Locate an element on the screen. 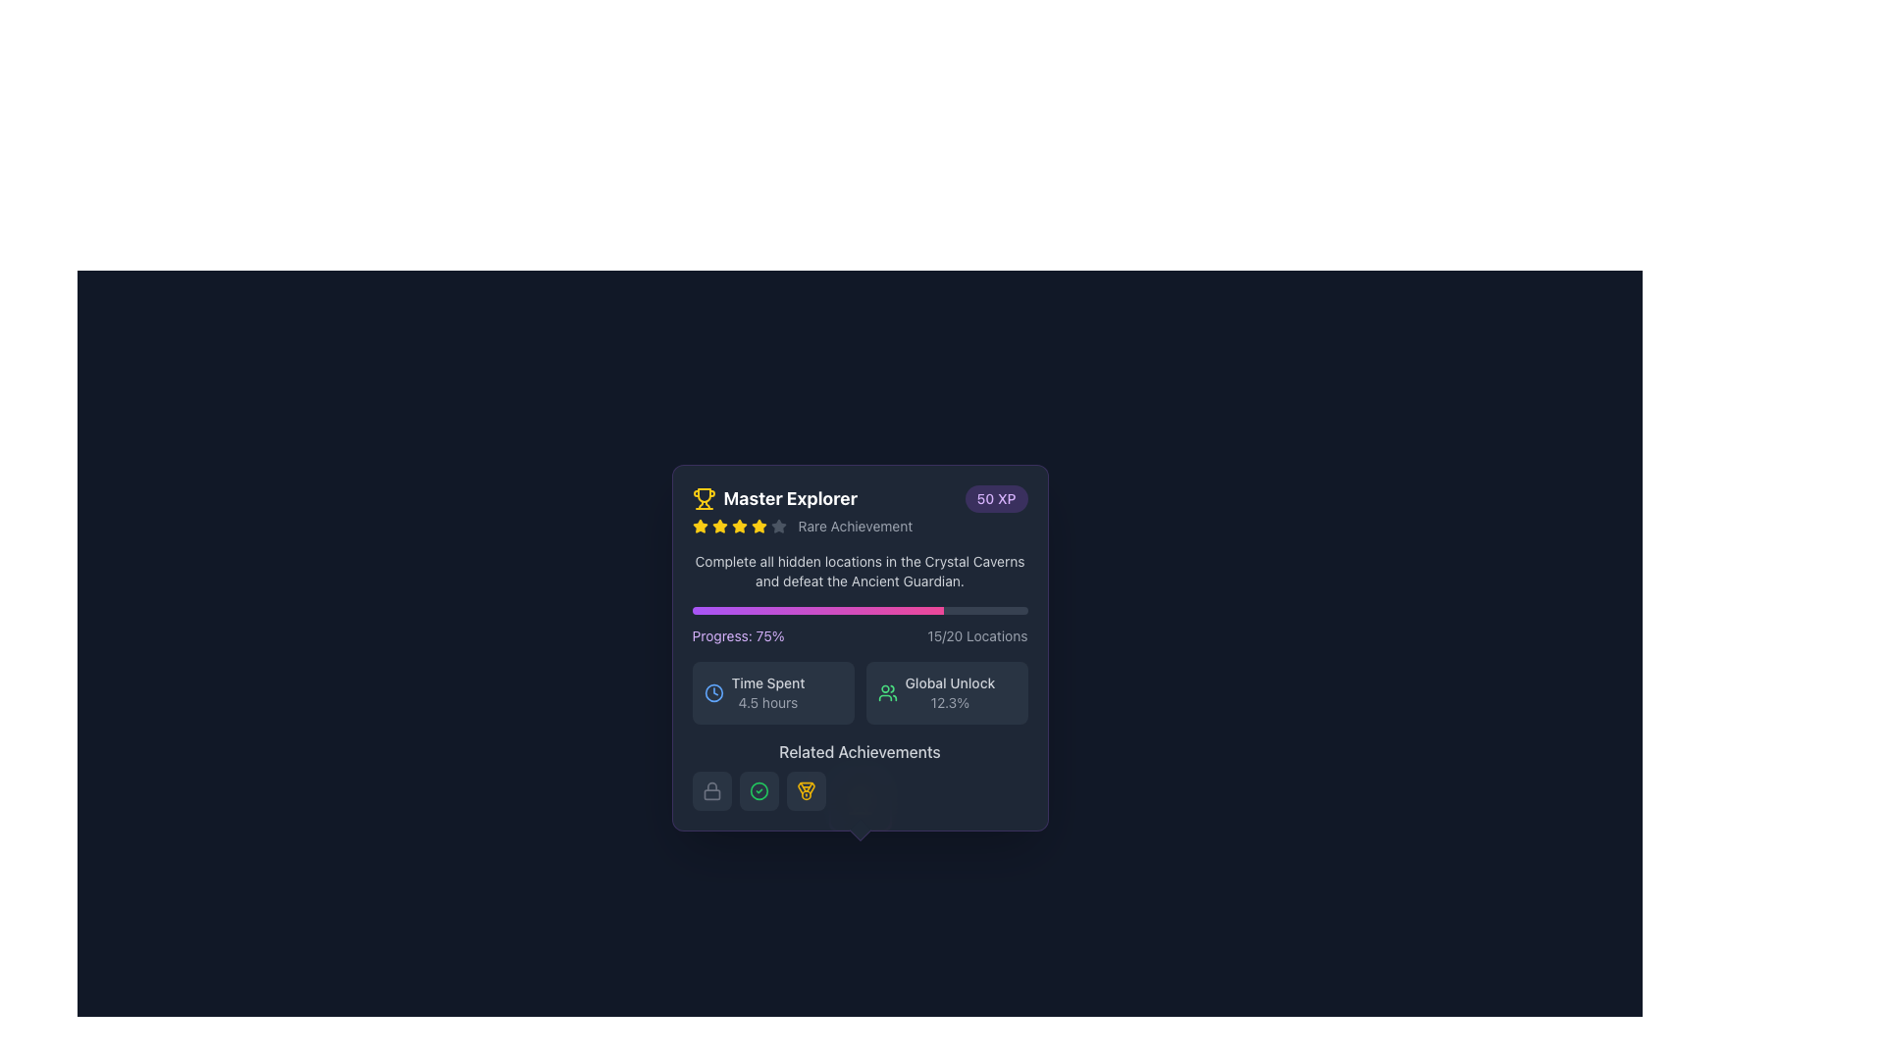 The height and width of the screenshot is (1059, 1884). the third star in the rating system under the 'Master Explorer' text to interact with the rating is located at coordinates (700, 525).